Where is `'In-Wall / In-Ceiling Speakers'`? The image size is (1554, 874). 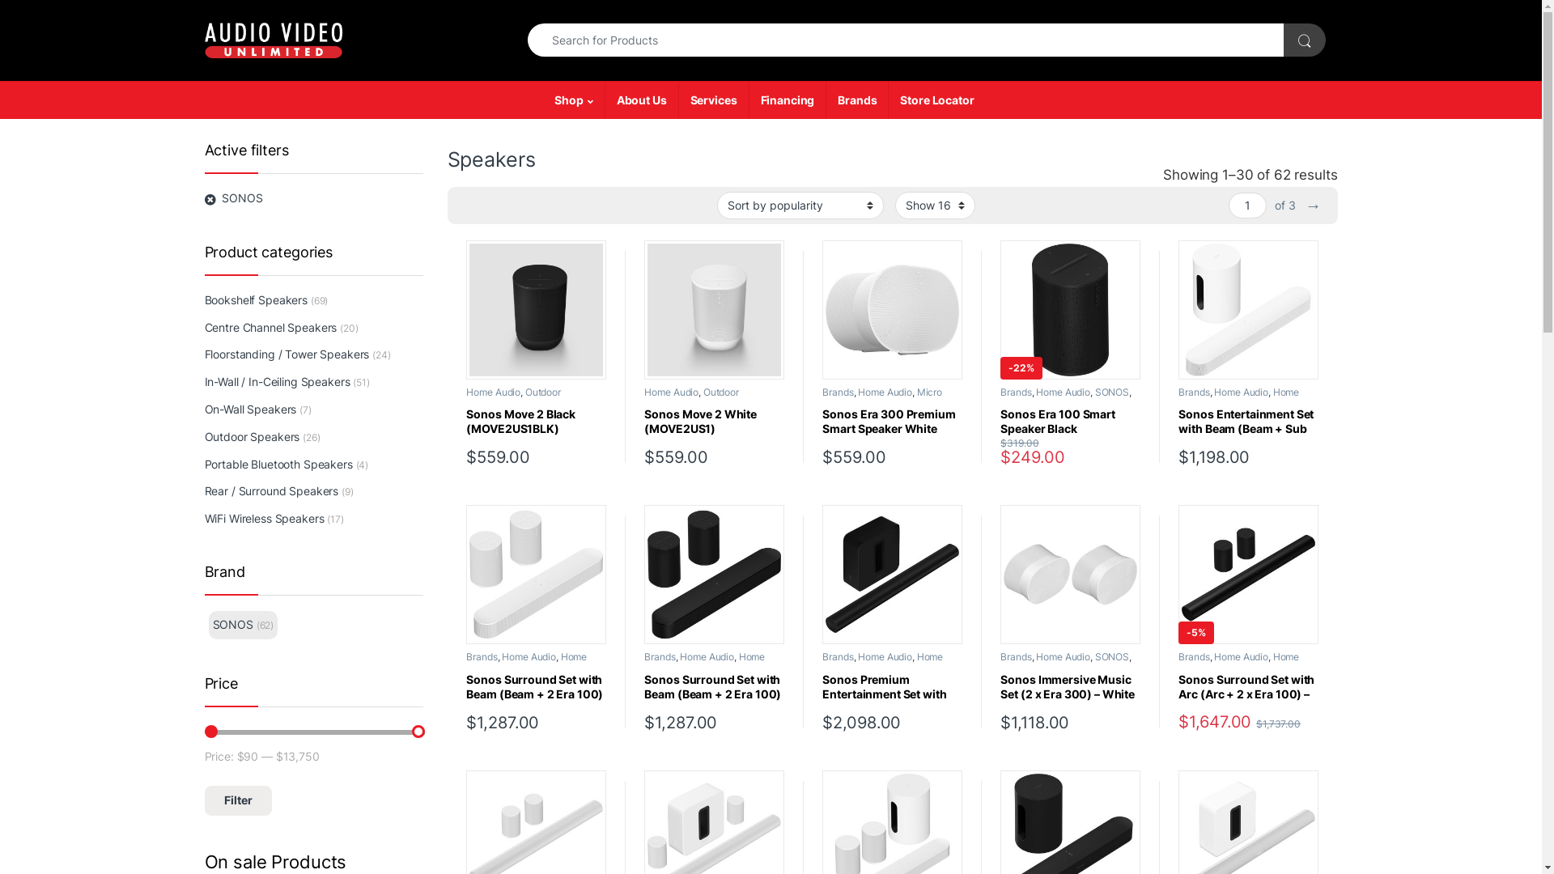 'In-Wall / In-Ceiling Speakers' is located at coordinates (276, 381).